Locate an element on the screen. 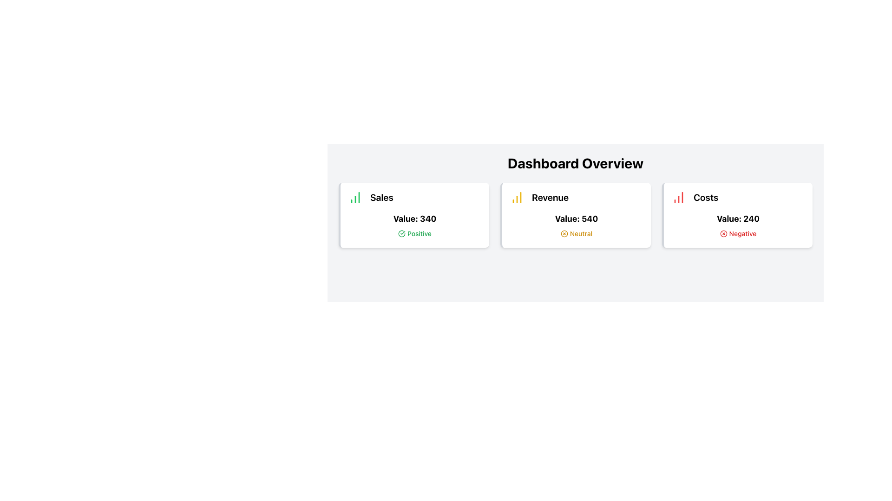 Image resolution: width=892 pixels, height=501 pixels. the green circular icon with a checkmark located in the 'Sales' data card, near the top-left corner adjacent to the label 'Sales' is located at coordinates (402, 233).